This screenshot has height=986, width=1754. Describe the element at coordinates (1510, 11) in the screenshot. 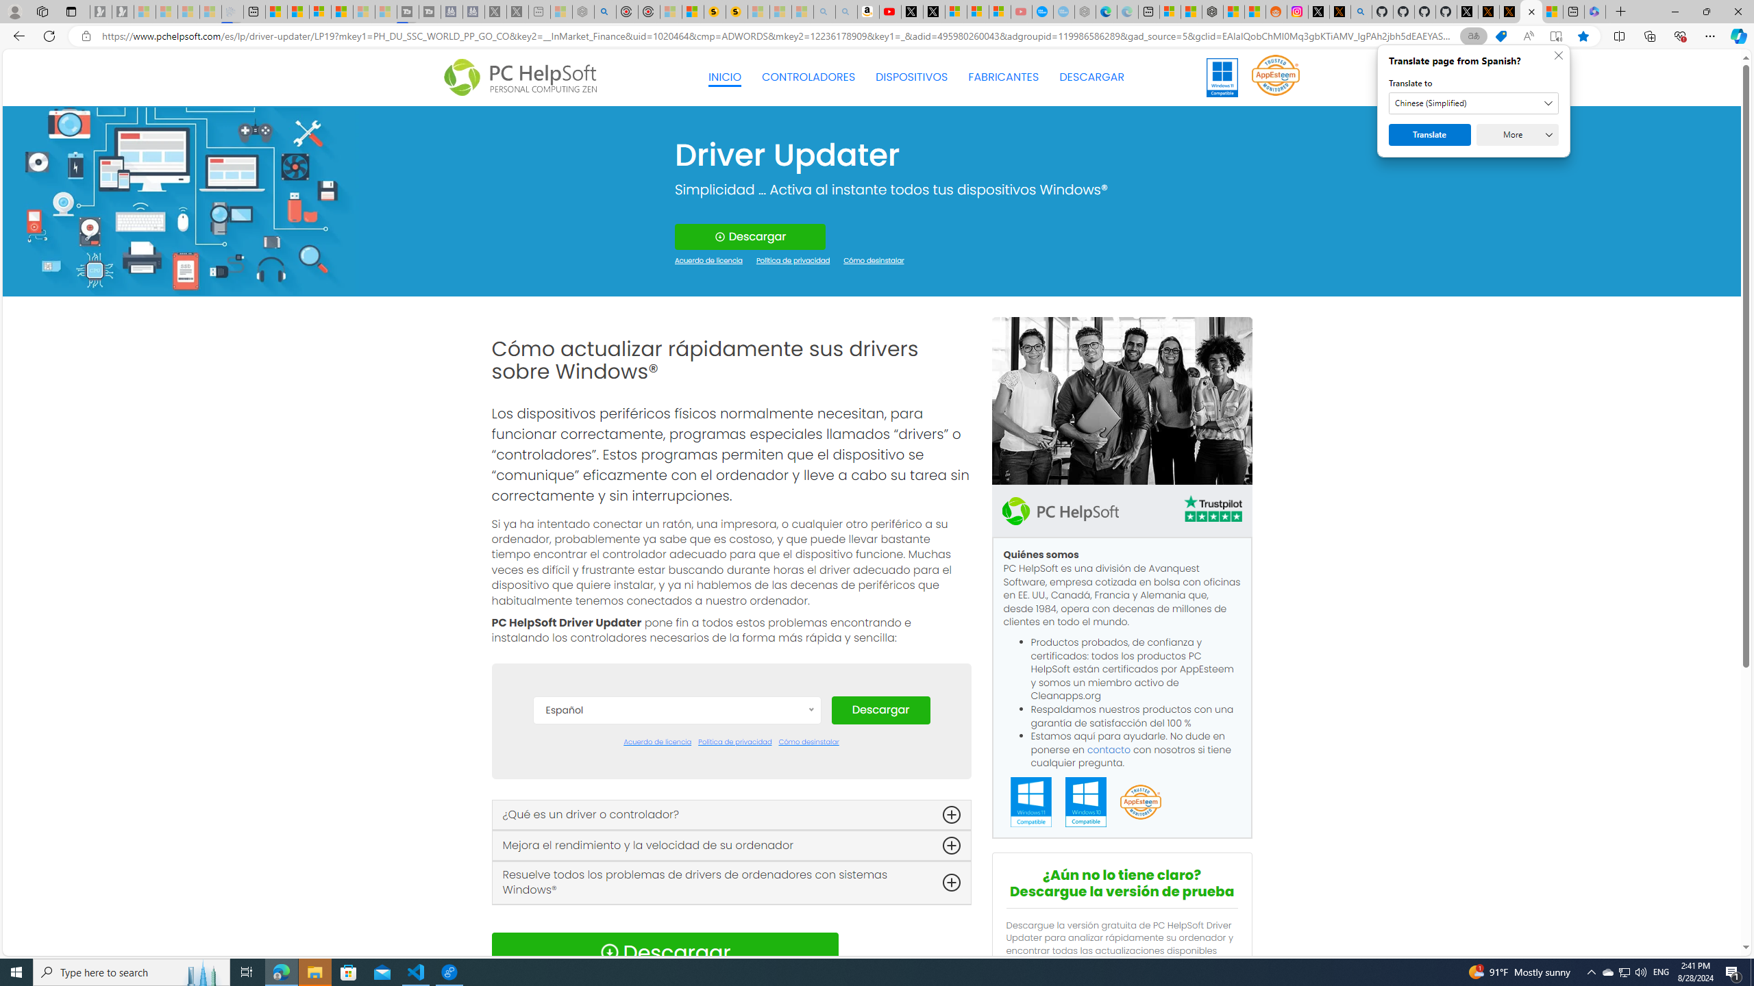

I see `'X Privacy Policy'` at that location.